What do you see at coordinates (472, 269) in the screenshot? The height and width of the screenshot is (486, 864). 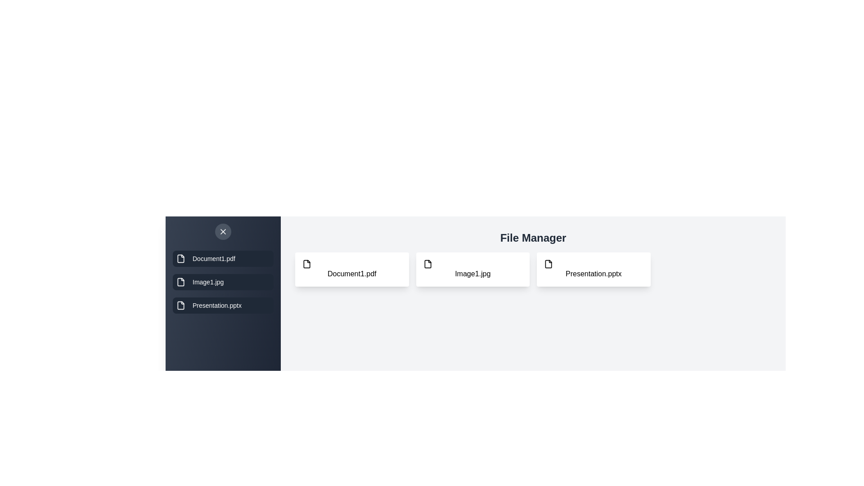 I see `the file Image1.jpg in the main grid` at bounding box center [472, 269].